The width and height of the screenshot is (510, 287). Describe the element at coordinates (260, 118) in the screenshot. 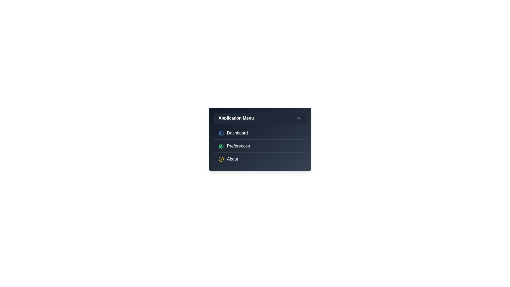

I see `the menu toggle button to toggle the menu open or close` at that location.